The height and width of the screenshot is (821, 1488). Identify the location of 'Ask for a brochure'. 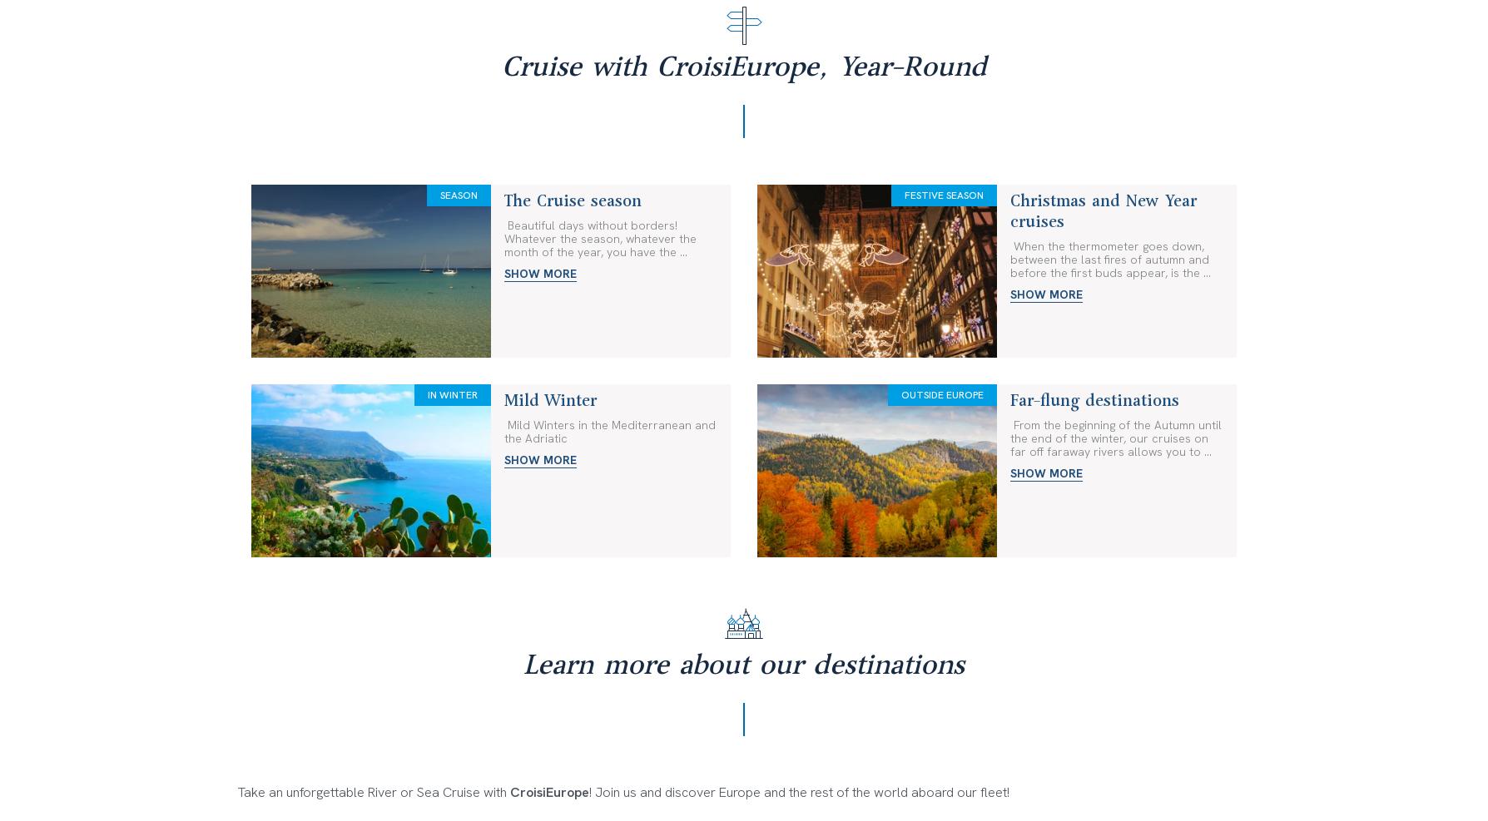
(885, 718).